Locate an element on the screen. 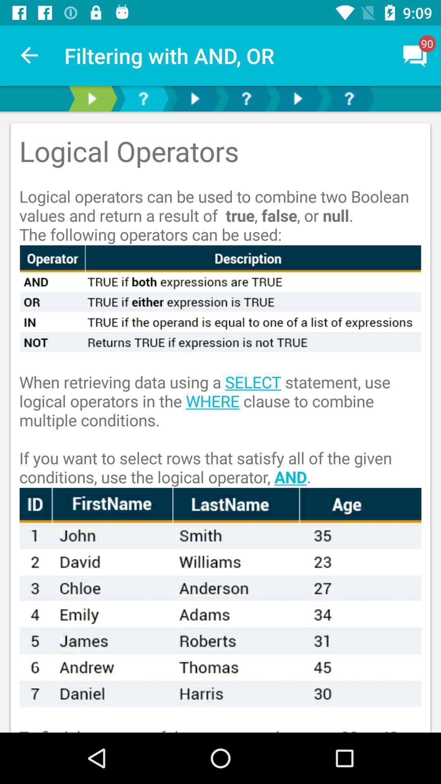 The width and height of the screenshot is (441, 784). help is located at coordinates (143, 98).